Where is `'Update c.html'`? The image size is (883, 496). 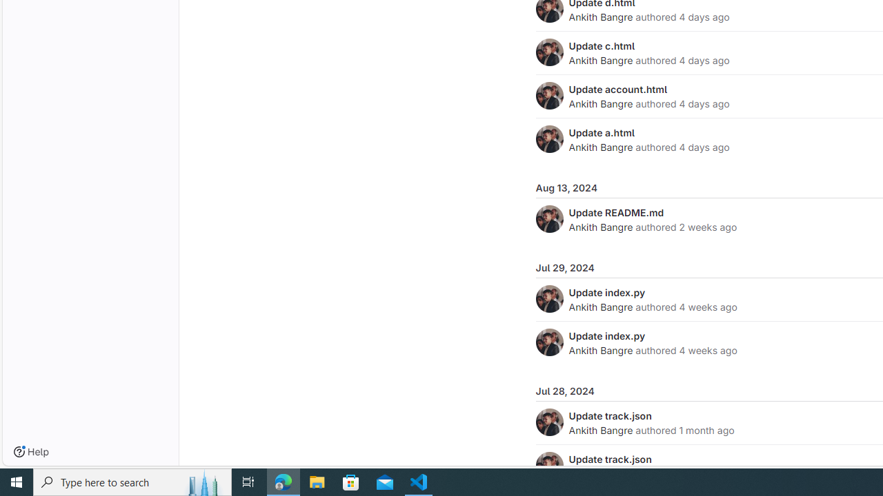 'Update c.html' is located at coordinates (602, 45).